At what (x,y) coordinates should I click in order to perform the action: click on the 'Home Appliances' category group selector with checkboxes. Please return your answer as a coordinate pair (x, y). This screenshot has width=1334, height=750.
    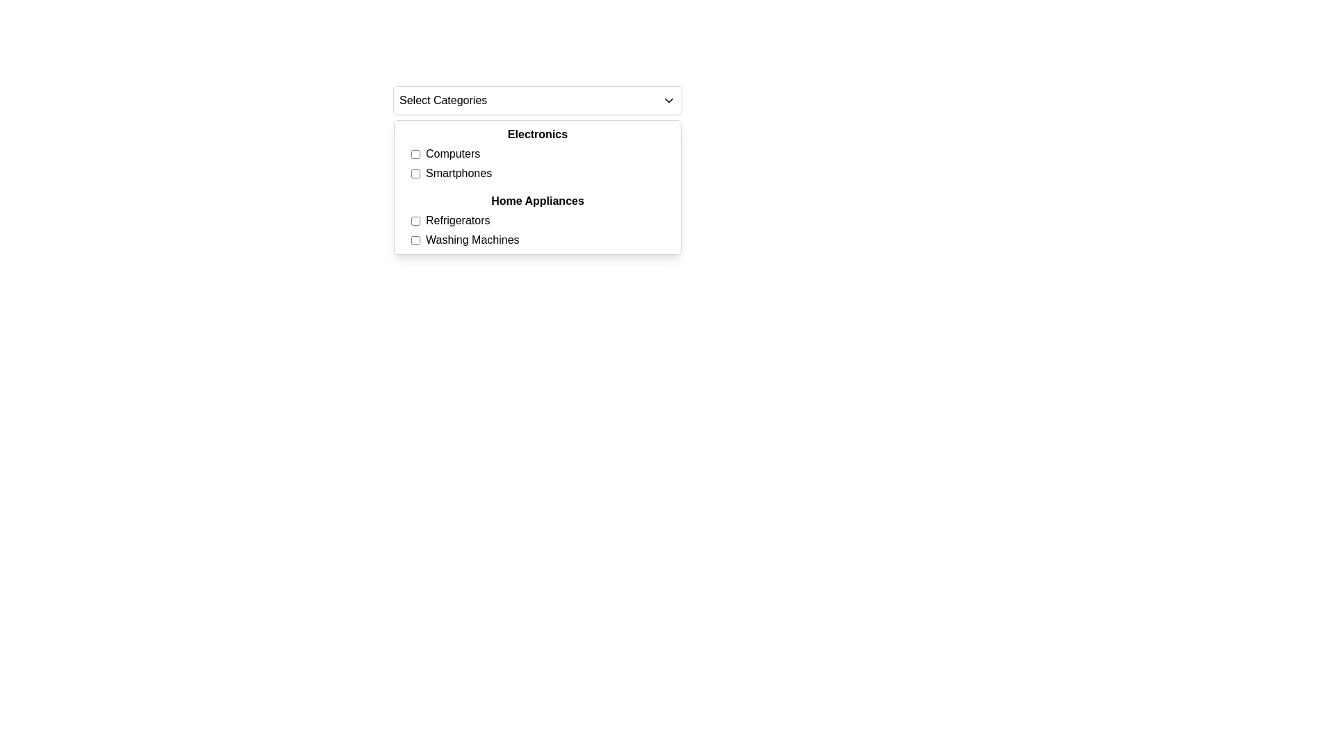
    Looking at the image, I should click on (536, 219).